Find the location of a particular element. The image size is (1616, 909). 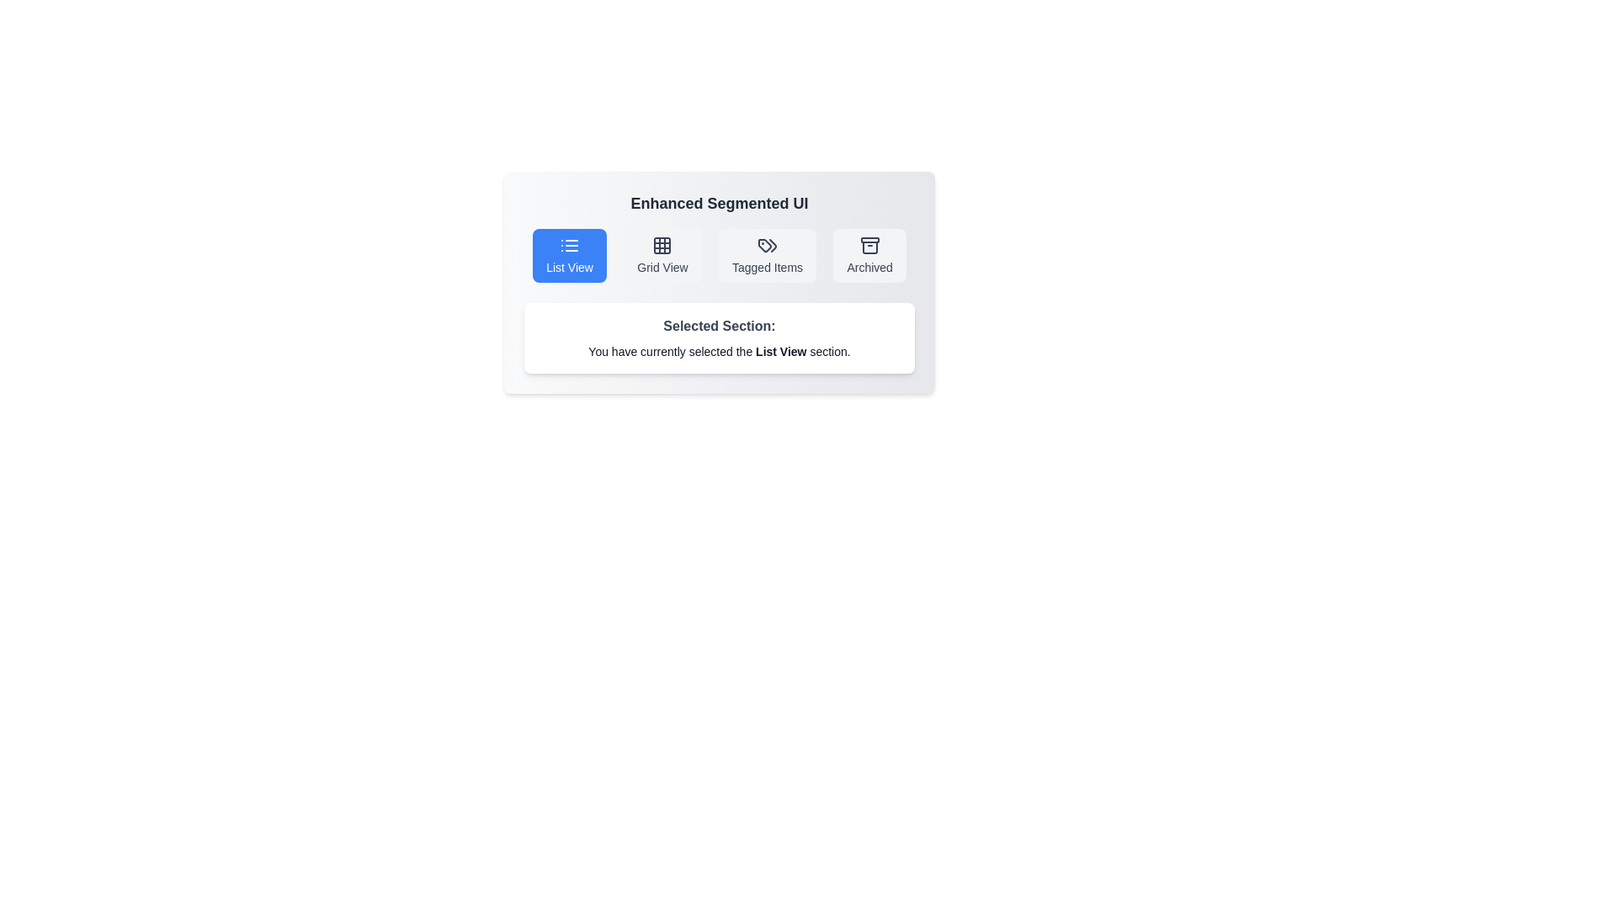

the grid pattern icon located in the 'Grid View' section is located at coordinates (662, 246).